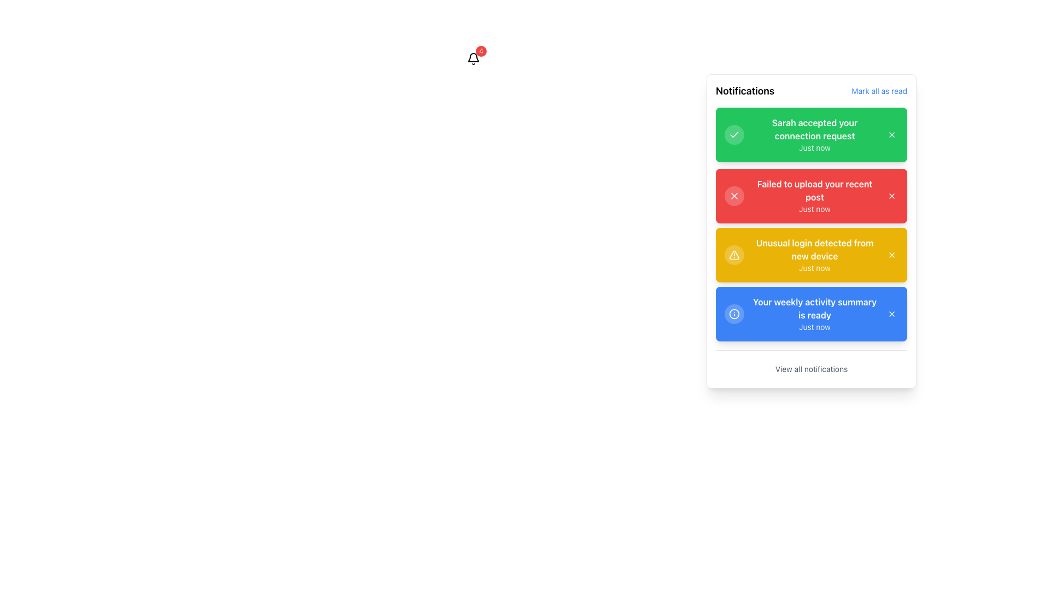 The height and width of the screenshot is (590, 1050). I want to click on the notification icon located in the last blue row of the notification list, so click(734, 314).